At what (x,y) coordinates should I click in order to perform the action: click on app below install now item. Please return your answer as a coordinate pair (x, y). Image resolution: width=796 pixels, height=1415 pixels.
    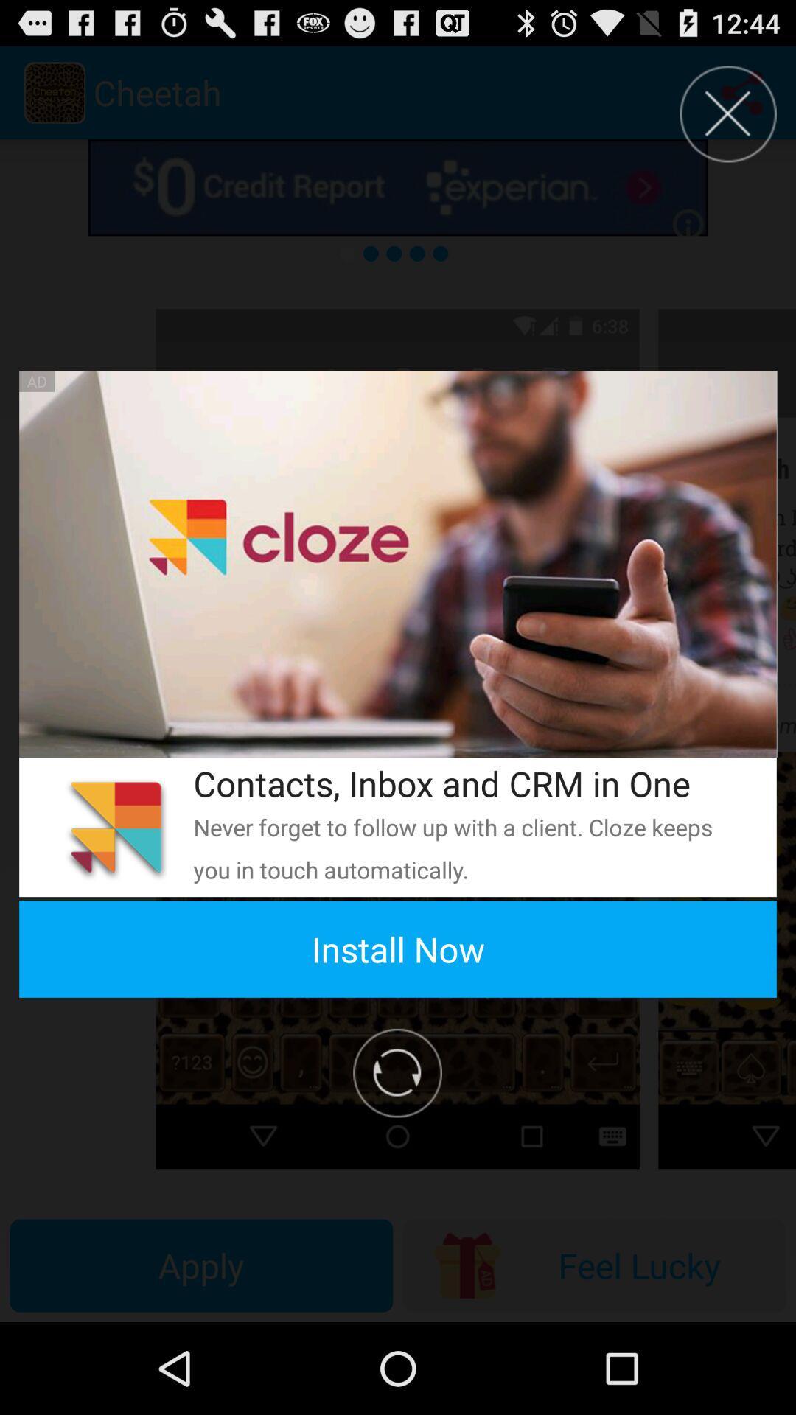
    Looking at the image, I should click on (397, 1073).